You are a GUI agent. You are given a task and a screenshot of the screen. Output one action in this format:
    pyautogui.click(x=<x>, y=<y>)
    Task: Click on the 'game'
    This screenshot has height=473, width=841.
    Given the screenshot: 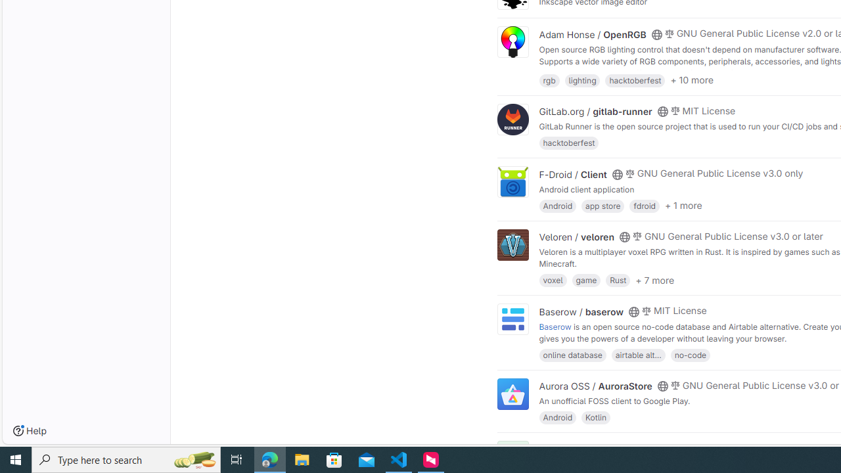 What is the action you would take?
    pyautogui.click(x=585, y=279)
    